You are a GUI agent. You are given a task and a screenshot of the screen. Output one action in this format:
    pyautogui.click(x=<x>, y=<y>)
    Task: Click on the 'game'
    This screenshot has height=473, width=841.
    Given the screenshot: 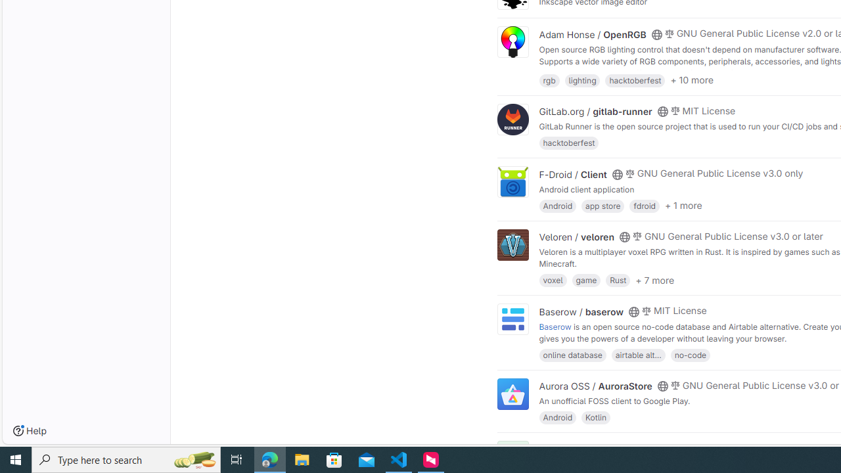 What is the action you would take?
    pyautogui.click(x=585, y=279)
    